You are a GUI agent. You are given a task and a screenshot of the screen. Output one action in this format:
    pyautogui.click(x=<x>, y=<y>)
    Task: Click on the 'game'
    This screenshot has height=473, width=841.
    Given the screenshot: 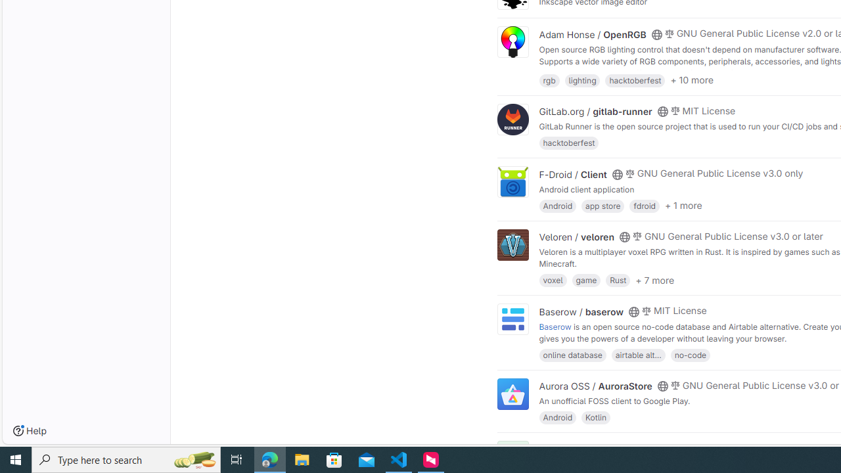 What is the action you would take?
    pyautogui.click(x=585, y=279)
    